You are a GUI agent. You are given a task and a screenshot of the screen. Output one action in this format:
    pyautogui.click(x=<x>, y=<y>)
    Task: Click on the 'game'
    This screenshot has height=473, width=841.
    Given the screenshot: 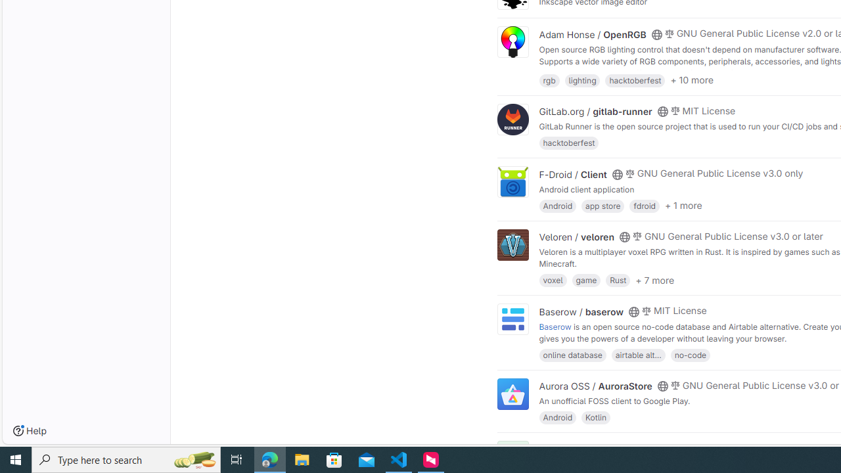 What is the action you would take?
    pyautogui.click(x=585, y=279)
    